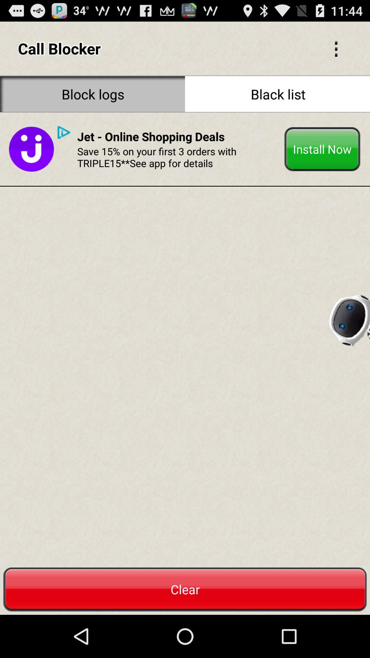 The width and height of the screenshot is (370, 658). What do you see at coordinates (185, 589) in the screenshot?
I see `the clear icon` at bounding box center [185, 589].